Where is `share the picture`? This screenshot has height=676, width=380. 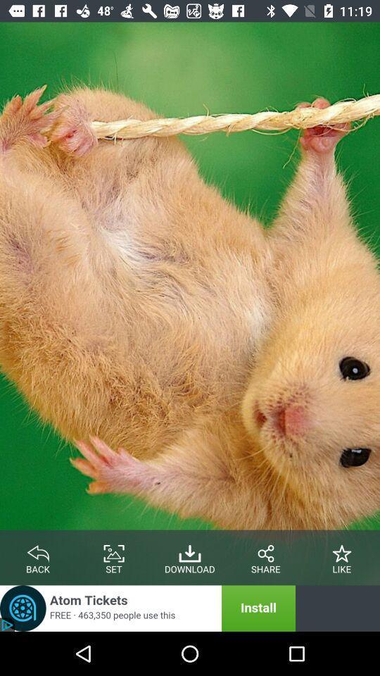 share the picture is located at coordinates (266, 551).